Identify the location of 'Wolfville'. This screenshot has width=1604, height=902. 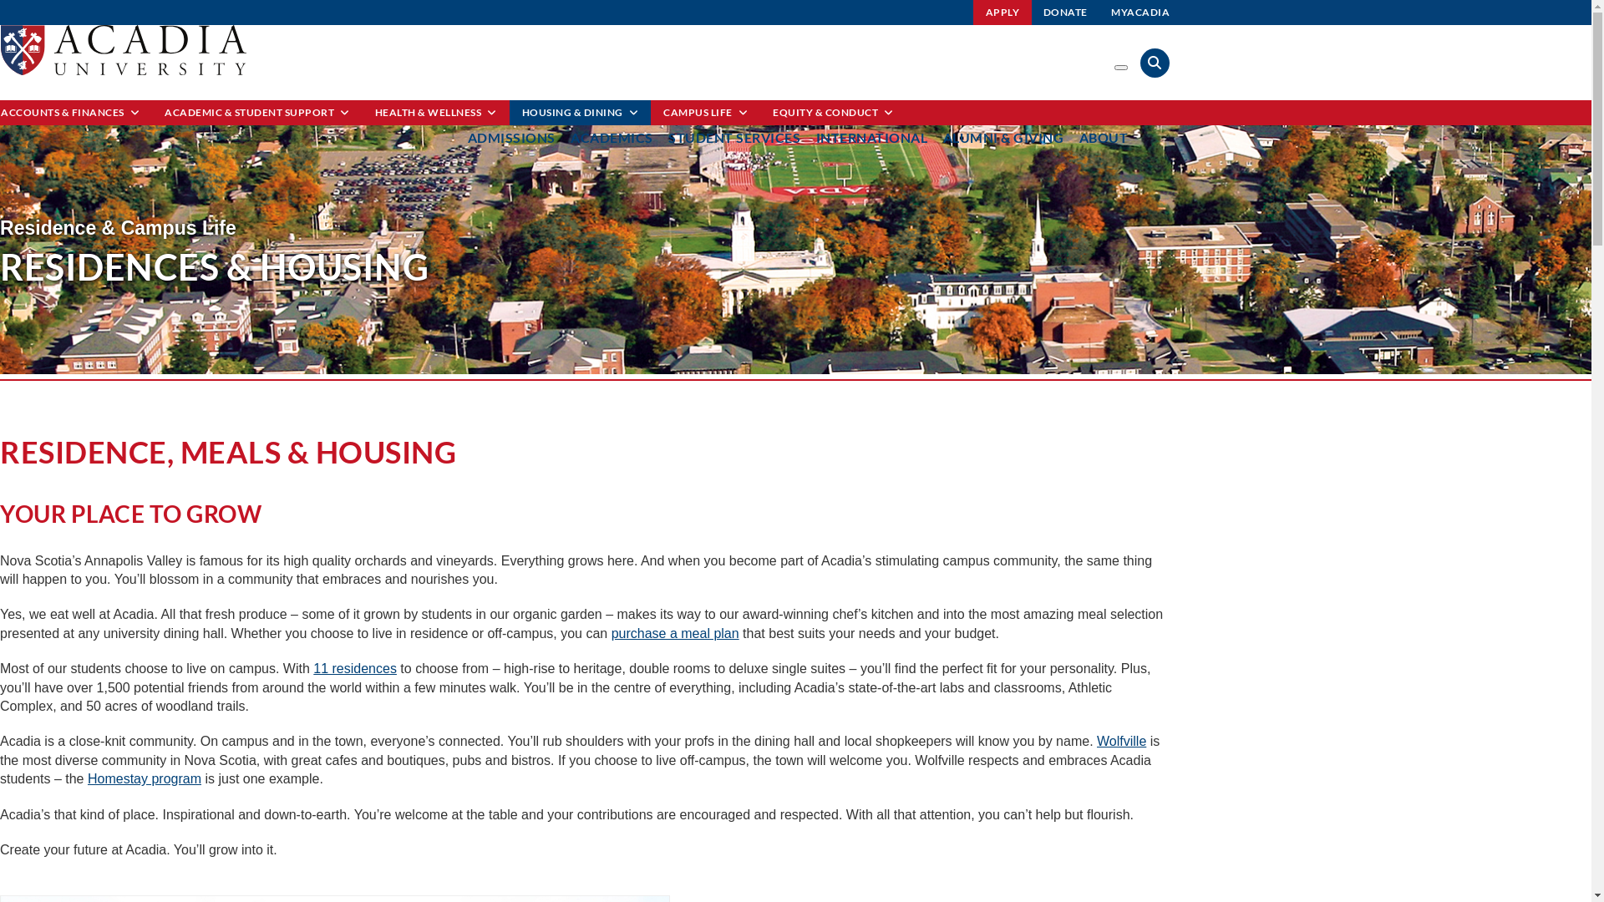
(1121, 740).